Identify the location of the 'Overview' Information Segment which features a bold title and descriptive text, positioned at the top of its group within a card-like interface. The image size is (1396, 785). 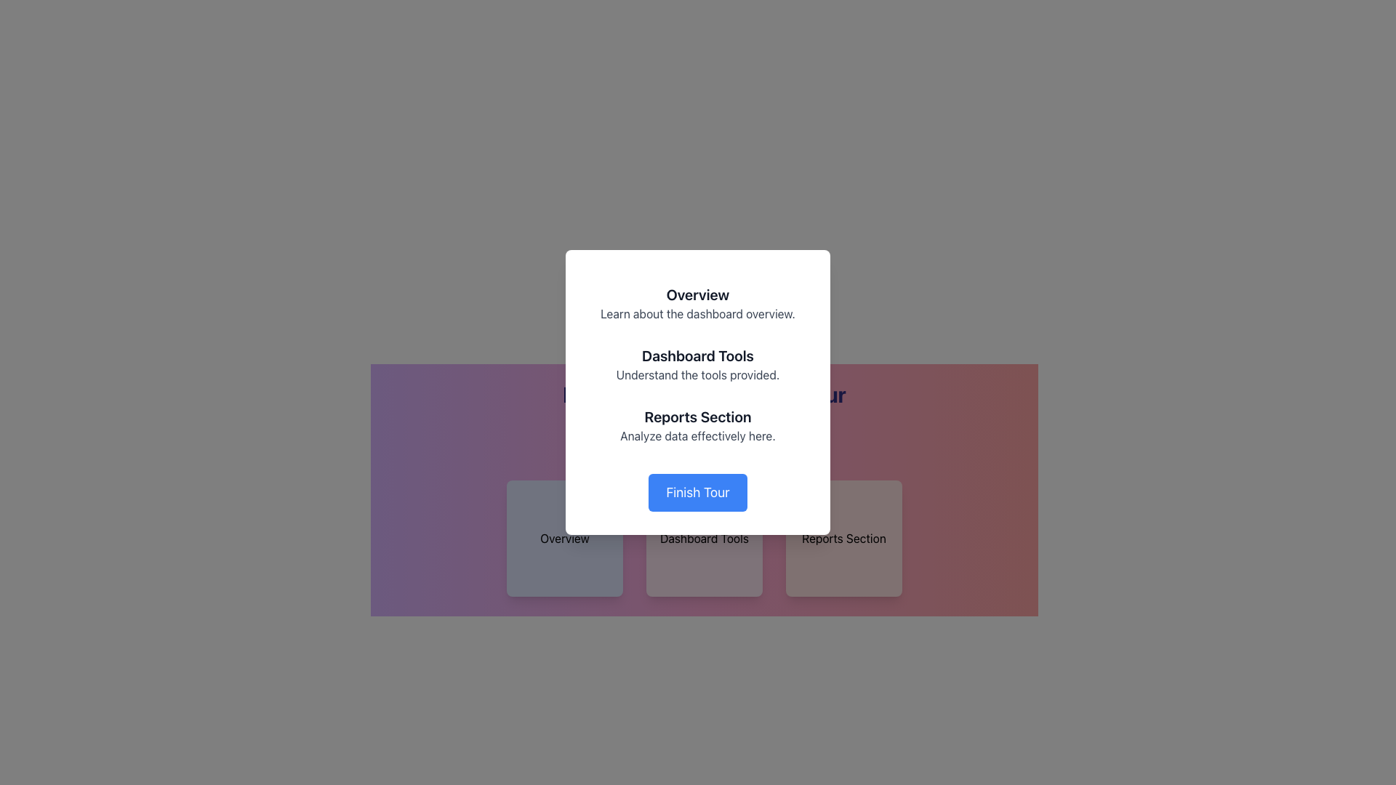
(698, 302).